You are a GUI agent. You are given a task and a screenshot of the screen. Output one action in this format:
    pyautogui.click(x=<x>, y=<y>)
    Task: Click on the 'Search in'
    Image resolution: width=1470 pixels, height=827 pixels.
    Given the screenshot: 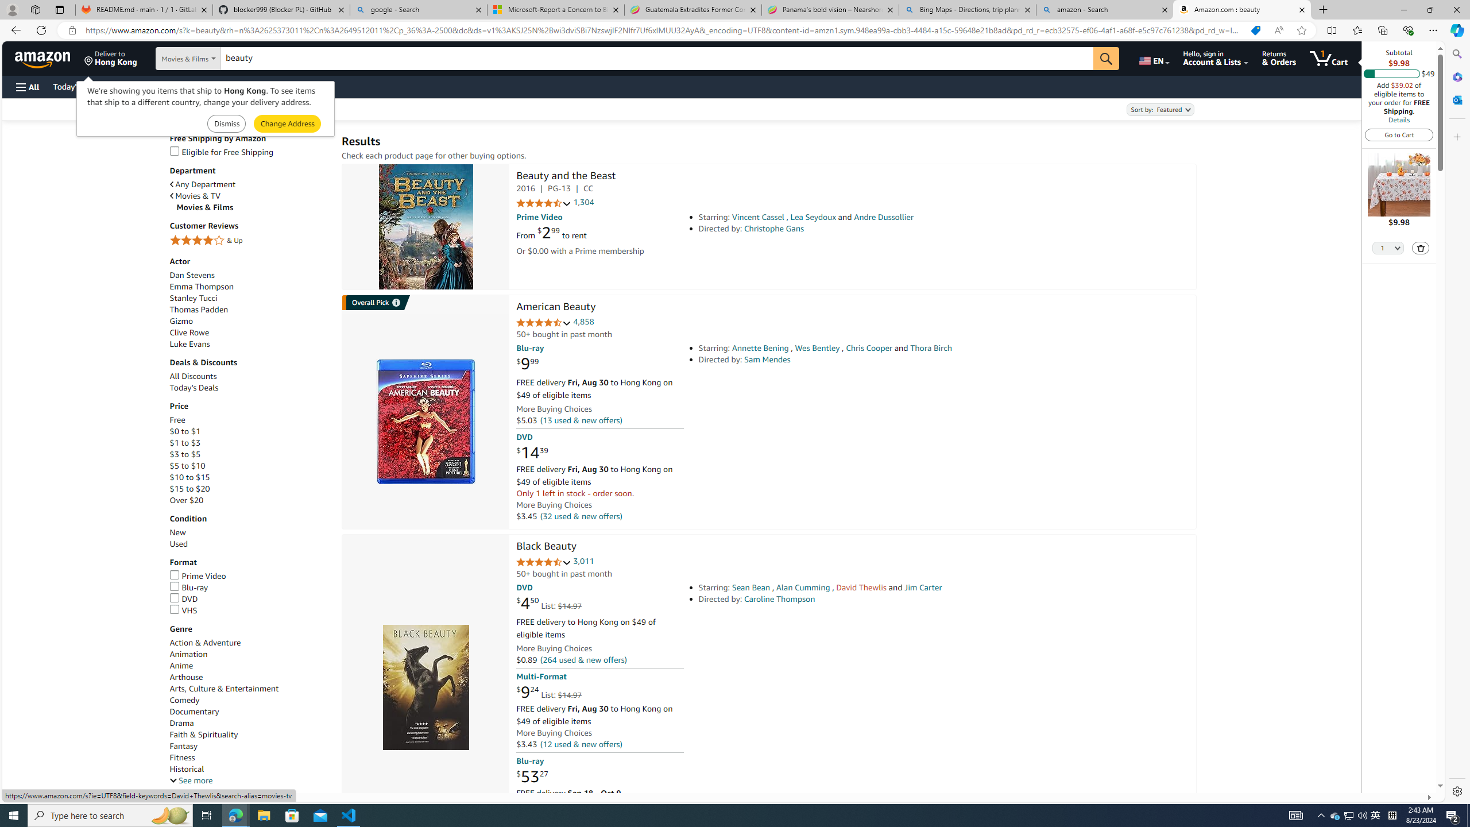 What is the action you would take?
    pyautogui.click(x=212, y=59)
    